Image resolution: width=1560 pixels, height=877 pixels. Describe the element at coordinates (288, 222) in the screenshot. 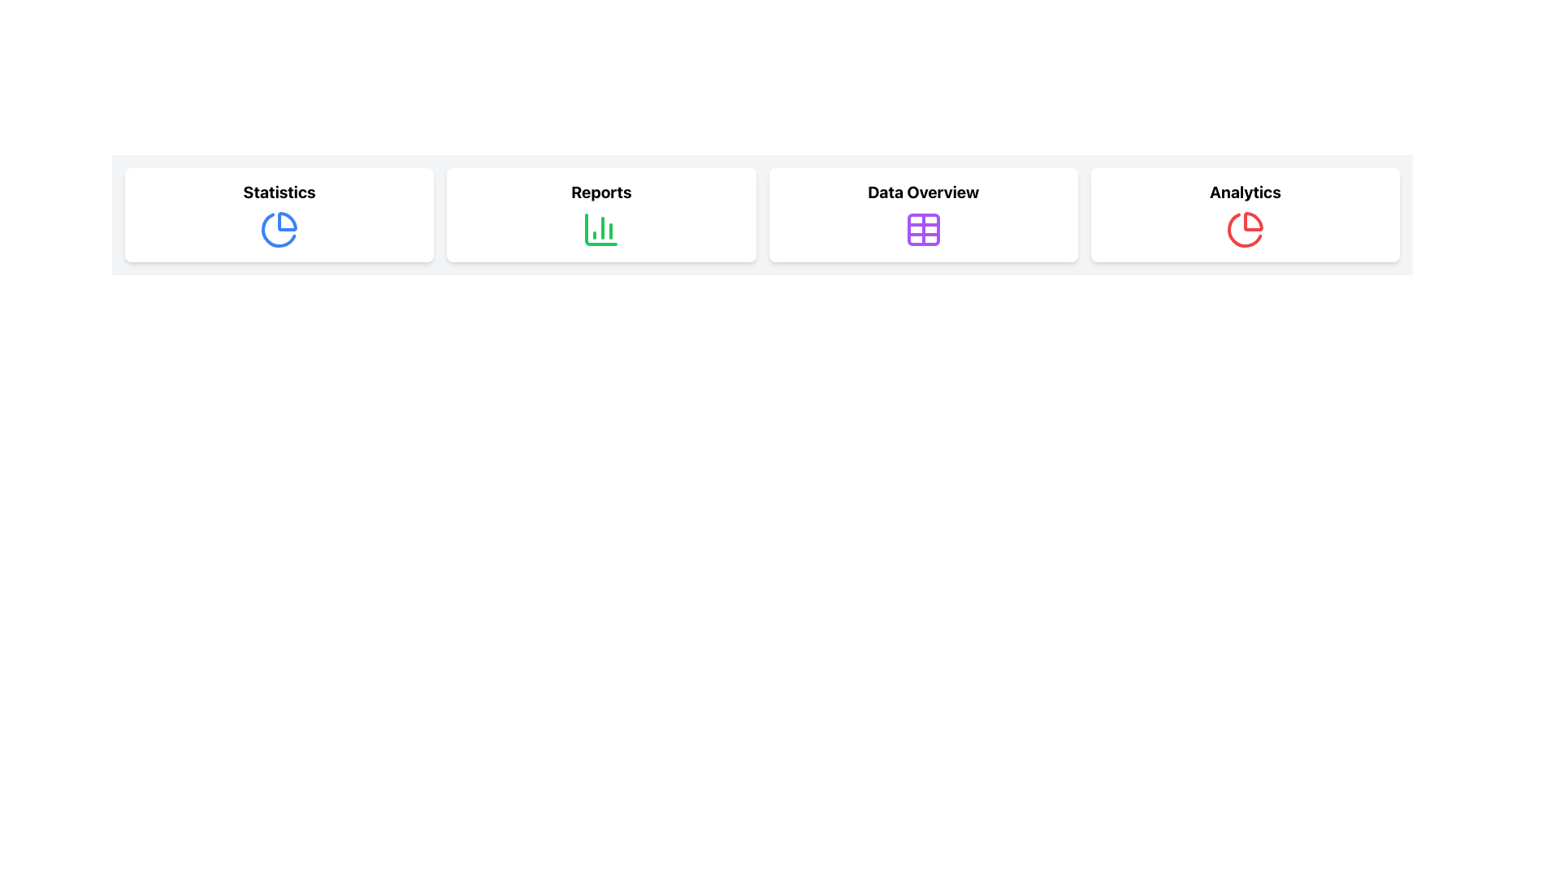

I see `the bottom-most segment of the pie chart icon within the 'Statistics' card, located to the far left among the row of cards on the interface` at that location.